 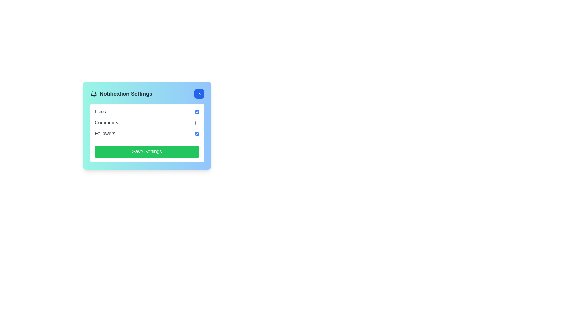 I want to click on the bell icon, which is outlined in black and located to the left of the 'Notification Settings' text, so click(x=93, y=94).